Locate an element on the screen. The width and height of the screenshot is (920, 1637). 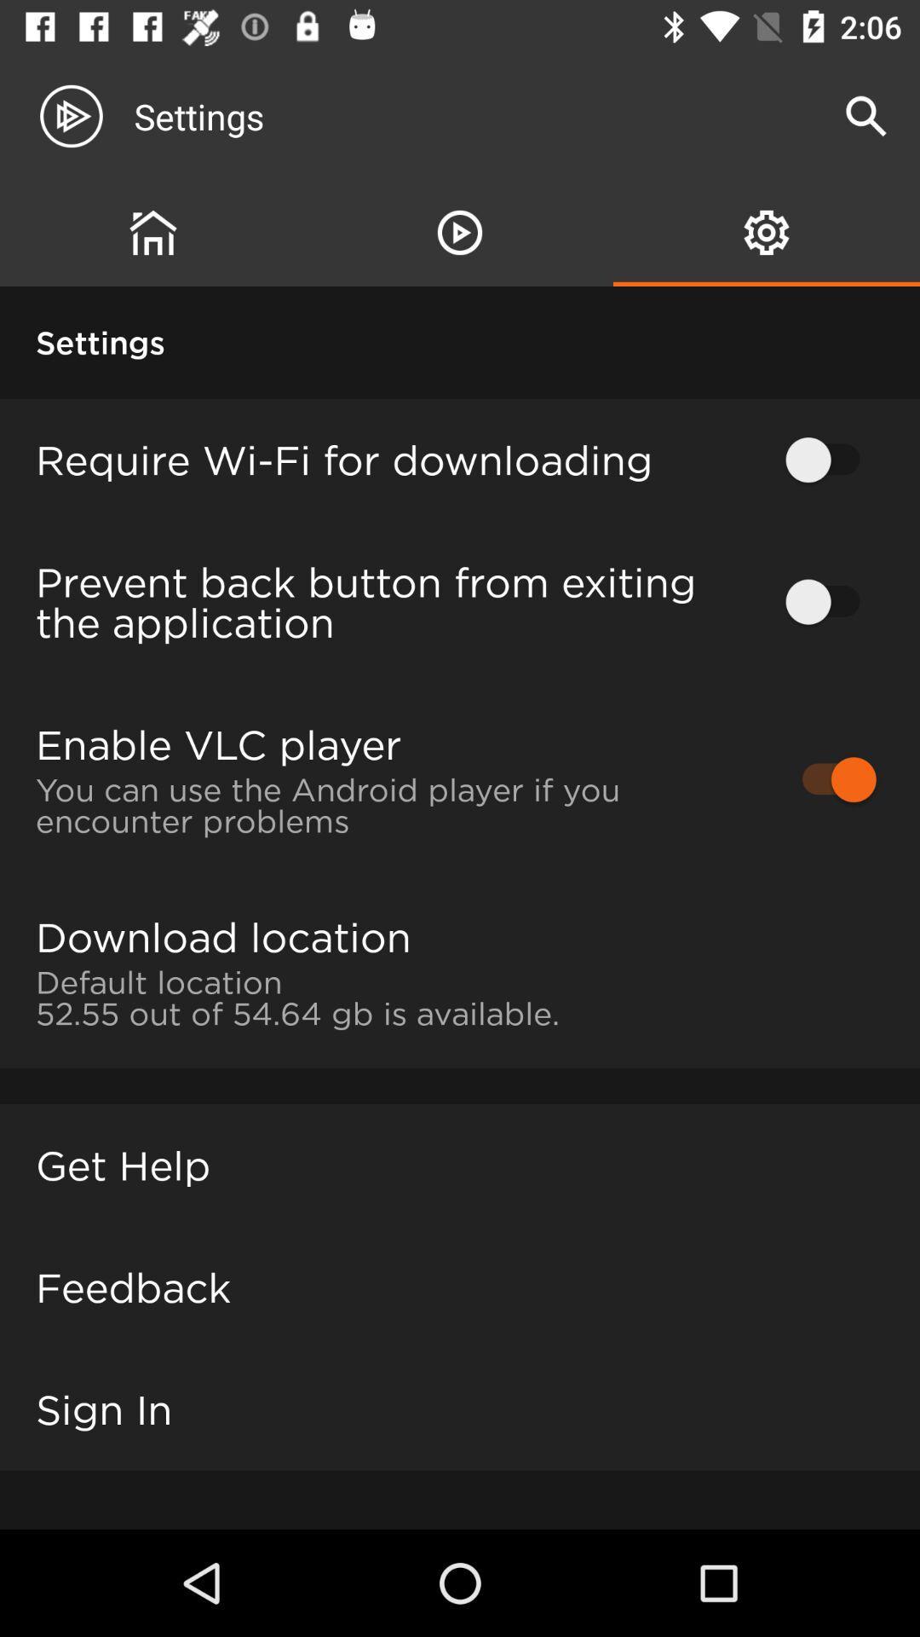
the national_flag icon is located at coordinates (765, 232).